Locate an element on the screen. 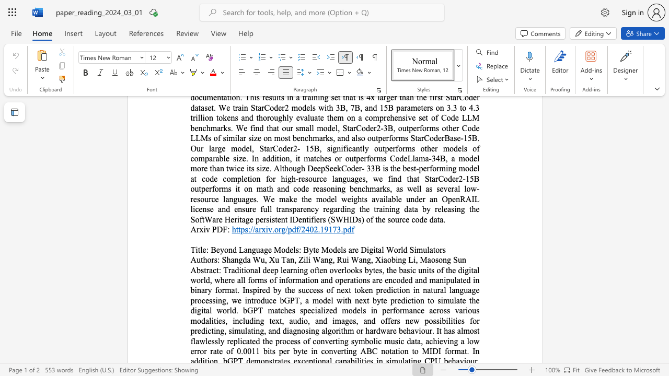 Image resolution: width=669 pixels, height=376 pixels. the subset text "tor" within the text "Beyond Language Models: Byte Models are Digital World Simulators" is located at coordinates (433, 250).